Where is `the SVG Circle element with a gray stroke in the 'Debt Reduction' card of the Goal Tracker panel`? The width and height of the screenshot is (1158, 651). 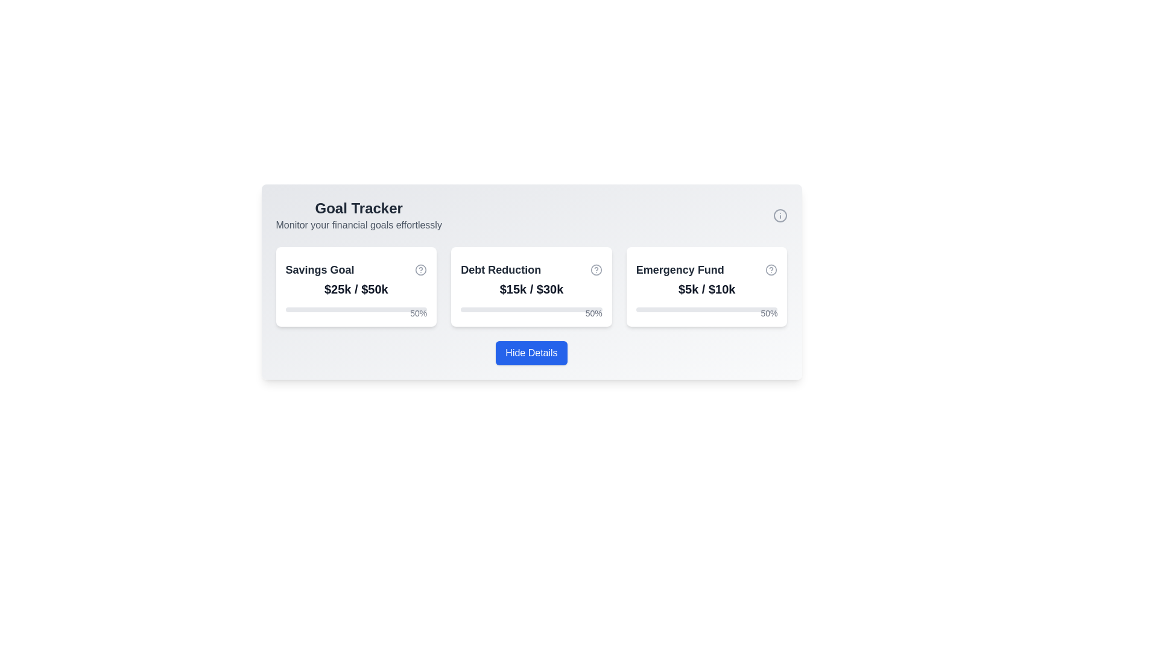
the SVG Circle element with a gray stroke in the 'Debt Reduction' card of the Goal Tracker panel is located at coordinates (596, 269).